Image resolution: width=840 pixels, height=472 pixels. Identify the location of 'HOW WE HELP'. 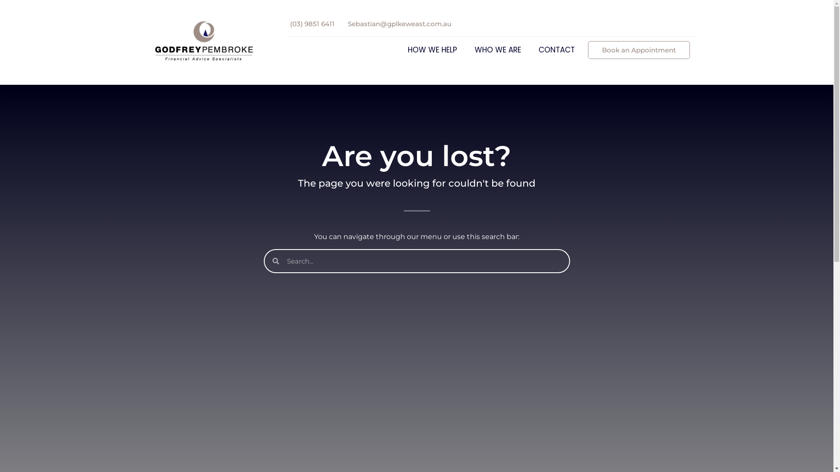
(434, 50).